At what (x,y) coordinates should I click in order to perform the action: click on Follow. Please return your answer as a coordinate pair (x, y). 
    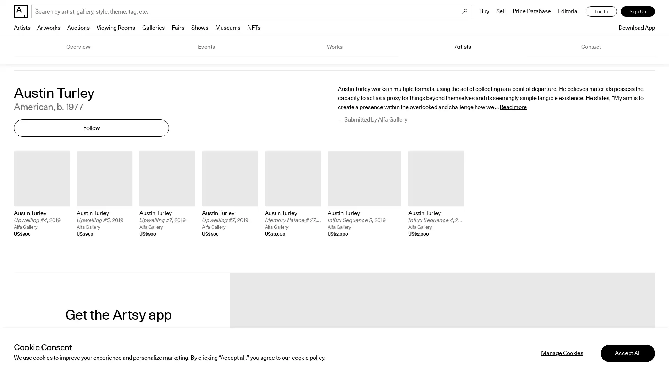
    Looking at the image, I should click on (91, 128).